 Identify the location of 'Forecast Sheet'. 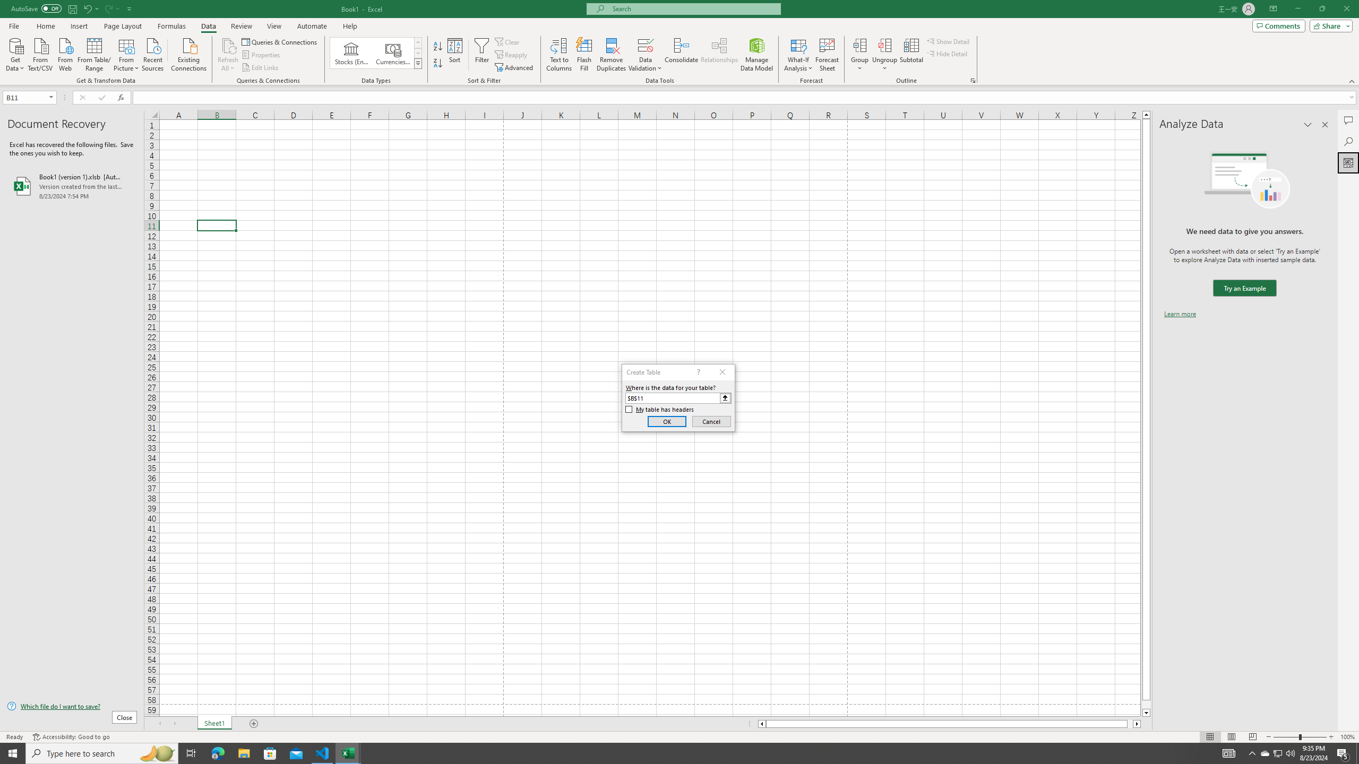
(827, 55).